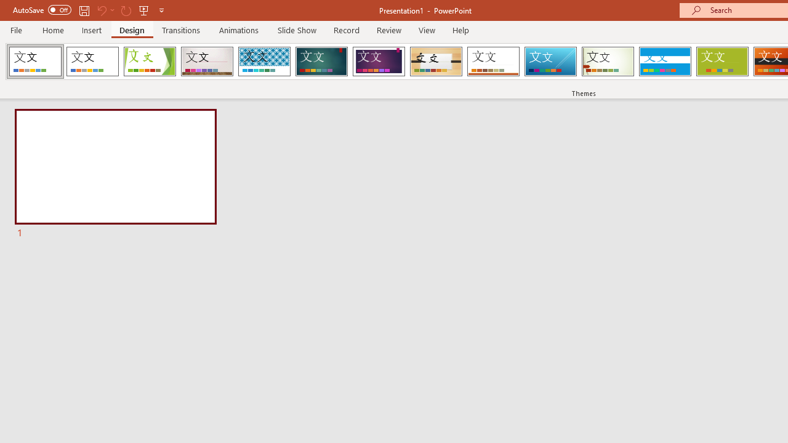 The height and width of the screenshot is (443, 788). What do you see at coordinates (263, 62) in the screenshot?
I see `'Integral Loading Preview...'` at bounding box center [263, 62].